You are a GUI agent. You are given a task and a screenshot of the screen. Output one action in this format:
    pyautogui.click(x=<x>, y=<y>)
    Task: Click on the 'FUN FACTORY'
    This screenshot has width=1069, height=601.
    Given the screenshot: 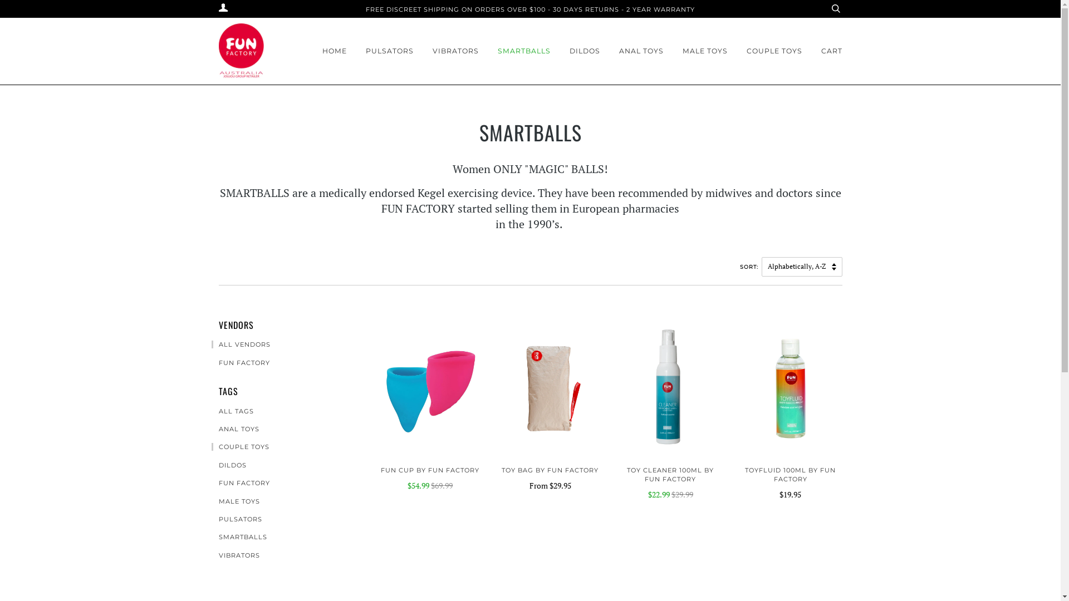 What is the action you would take?
    pyautogui.click(x=211, y=482)
    